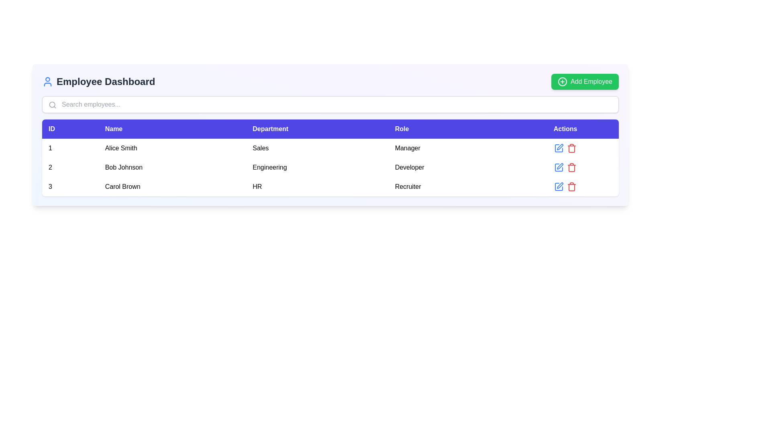 This screenshot has width=771, height=433. I want to click on the ID, Name, Department, or Role in the third row of the data table which contains '3' for ID, 'Carol Brown' for the name, 'HR' for the department, and 'Recruiter' for the role, so click(330, 187).